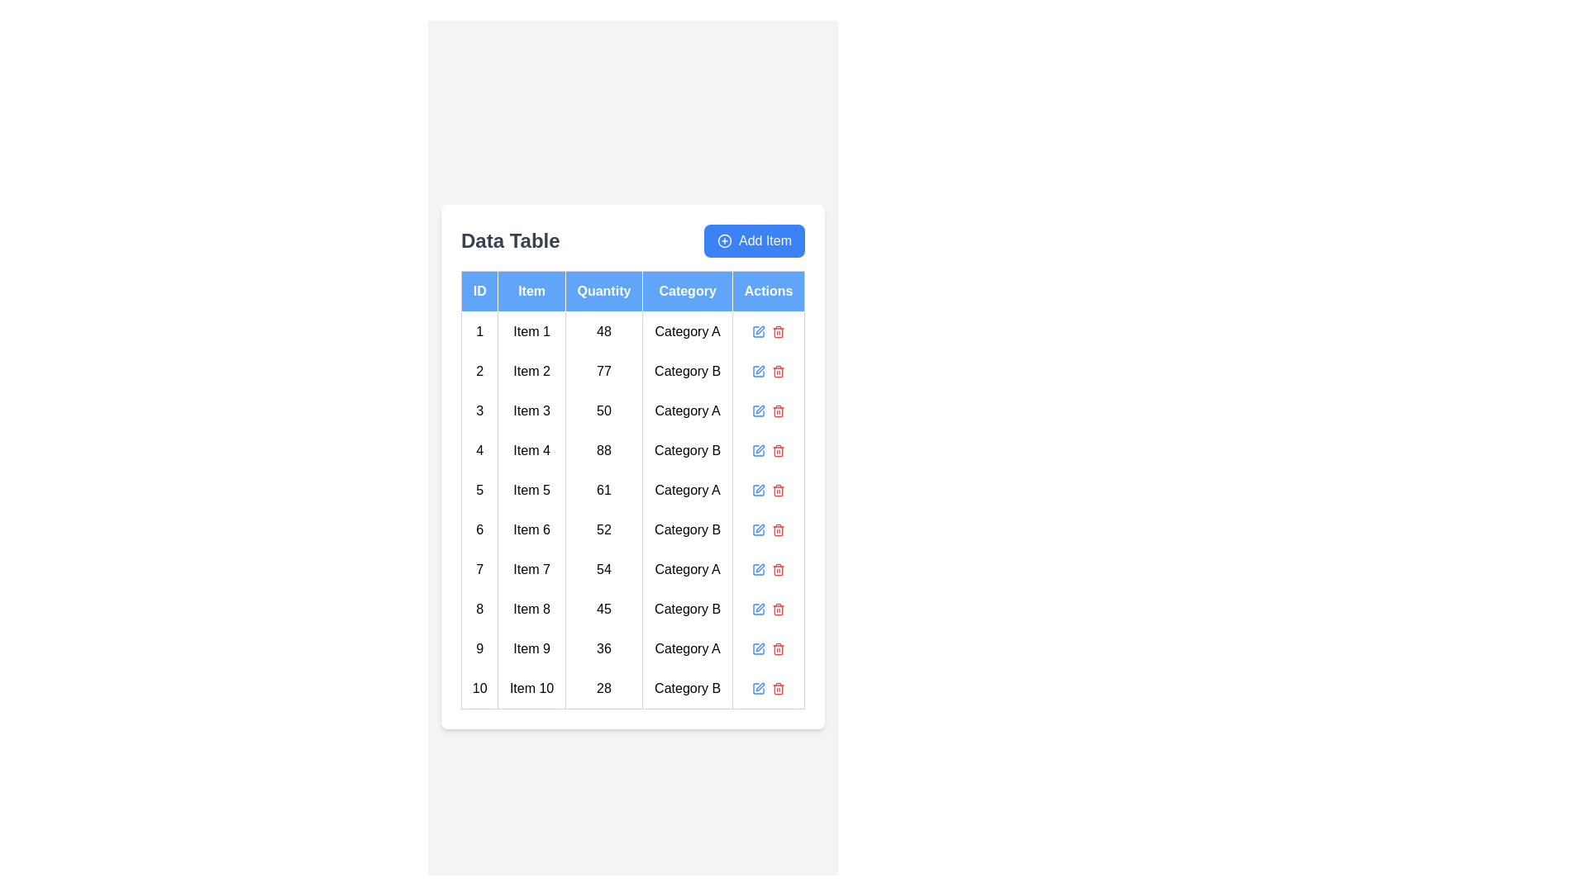 Image resolution: width=1587 pixels, height=892 pixels. What do you see at coordinates (758, 370) in the screenshot?
I see `the small blue pencil icon in the 'Actions' column of the second row to initiate editing` at bounding box center [758, 370].